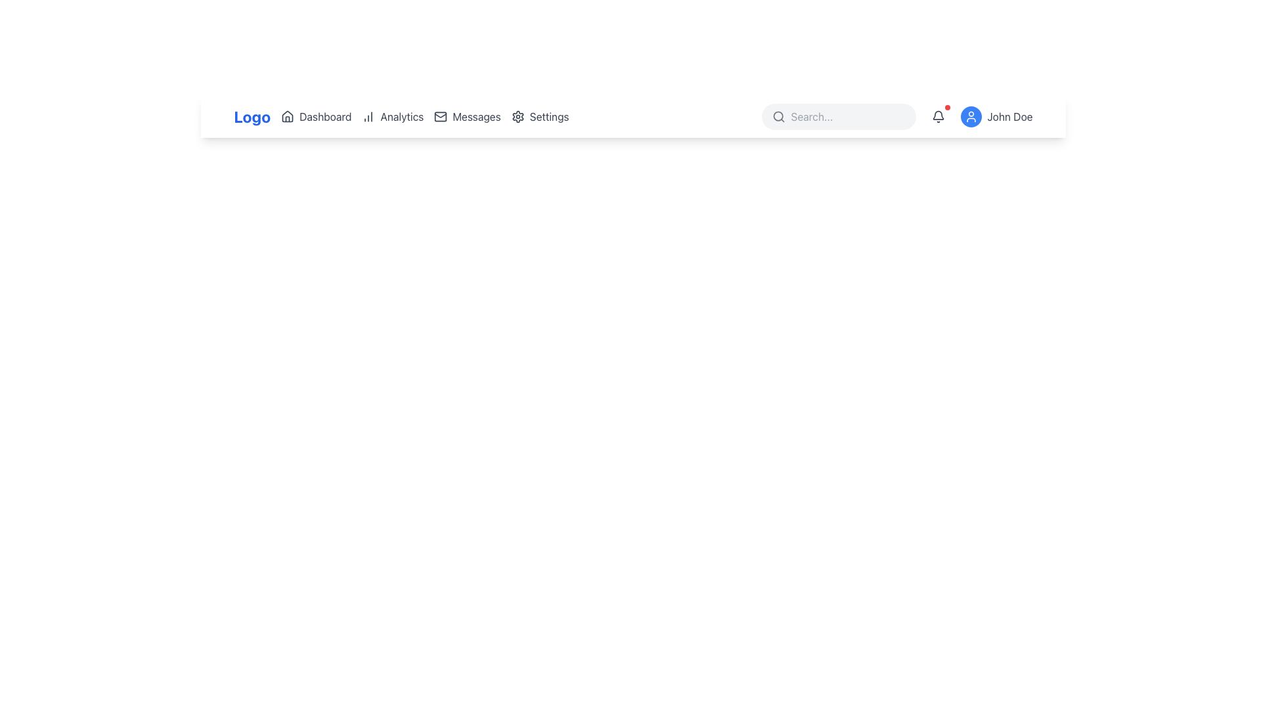  I want to click on the 'Analytics' IconButton located in the main navigation bar, so click(368, 116).